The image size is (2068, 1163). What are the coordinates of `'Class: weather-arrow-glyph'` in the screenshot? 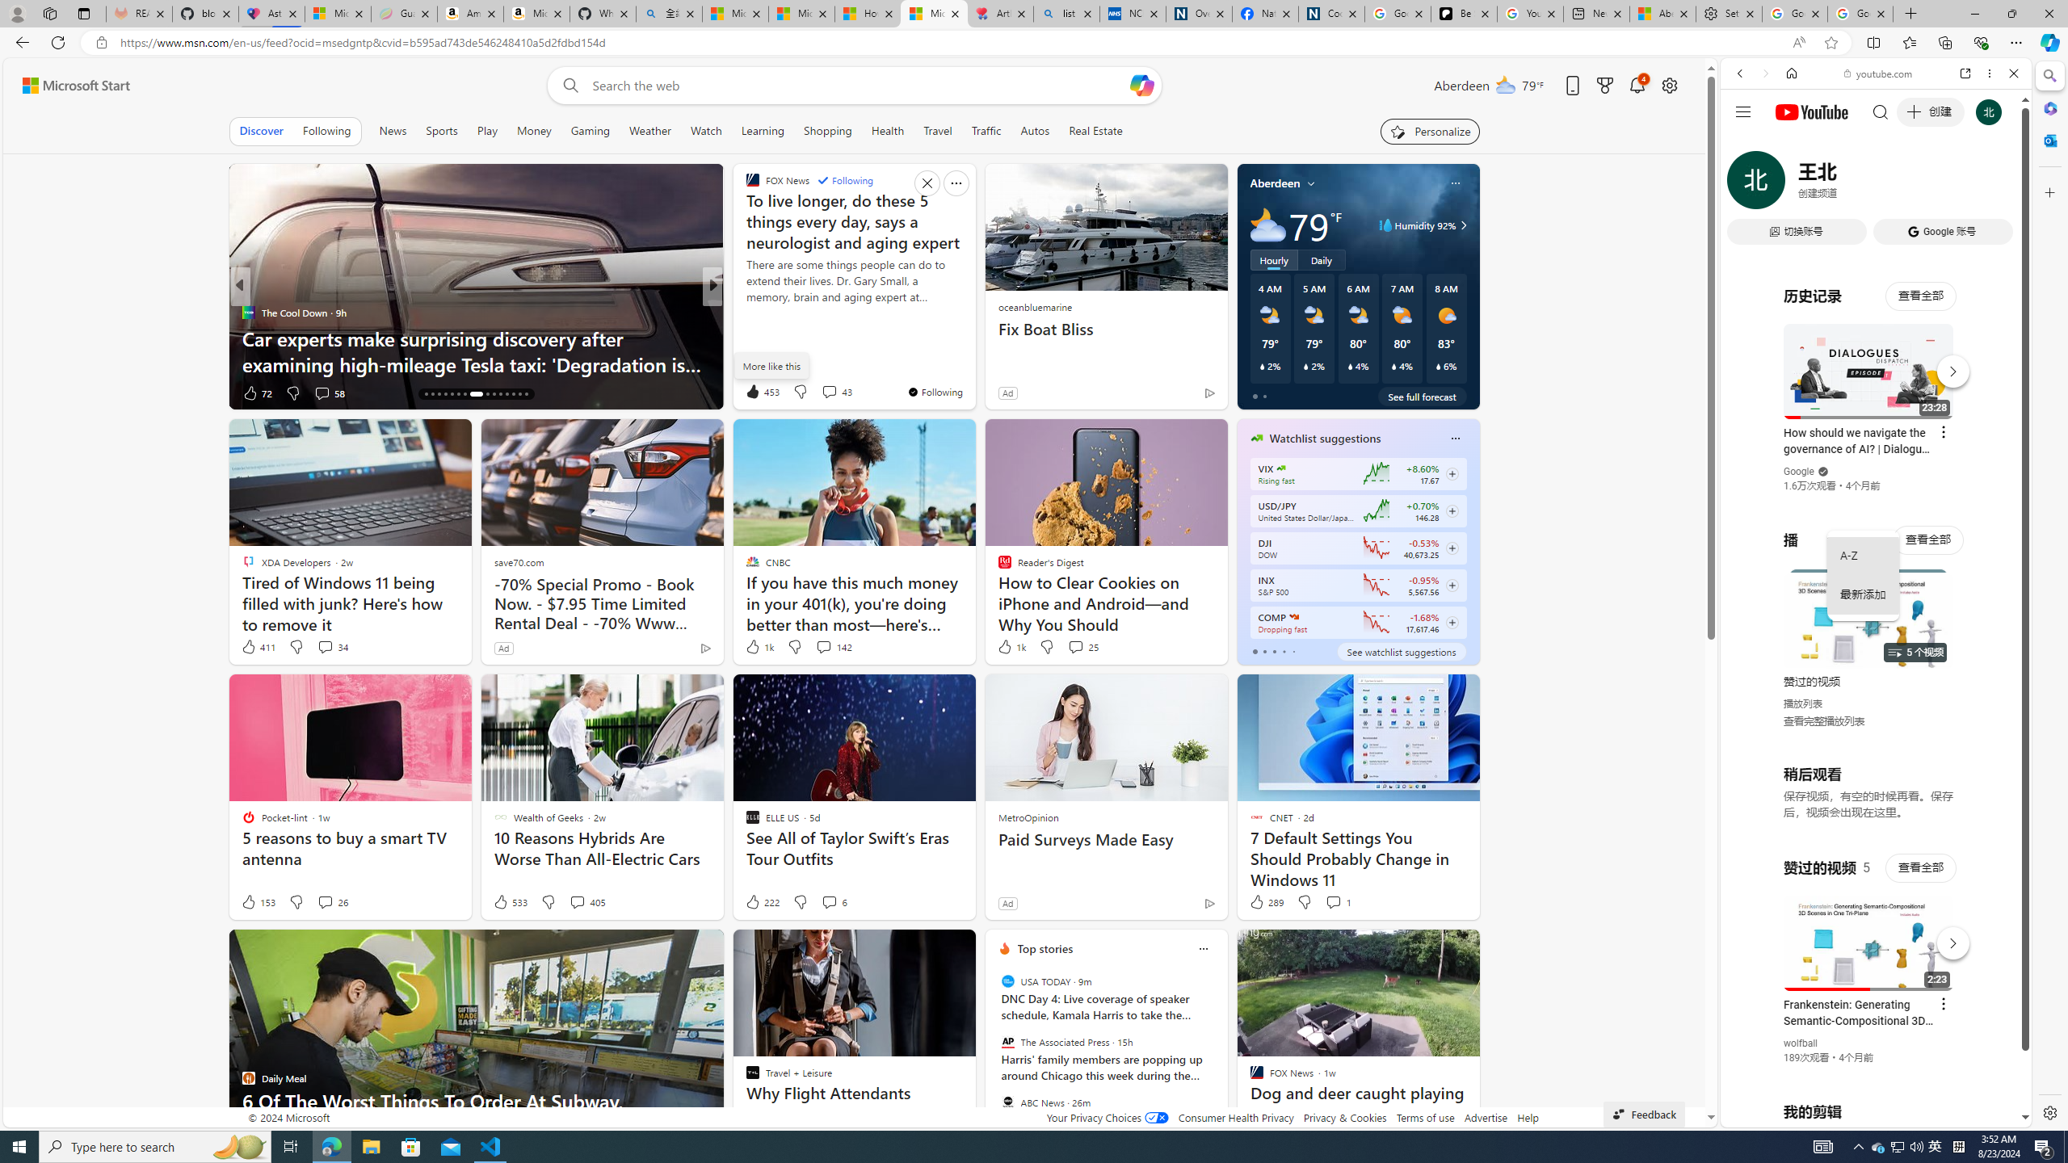 It's located at (1462, 225).